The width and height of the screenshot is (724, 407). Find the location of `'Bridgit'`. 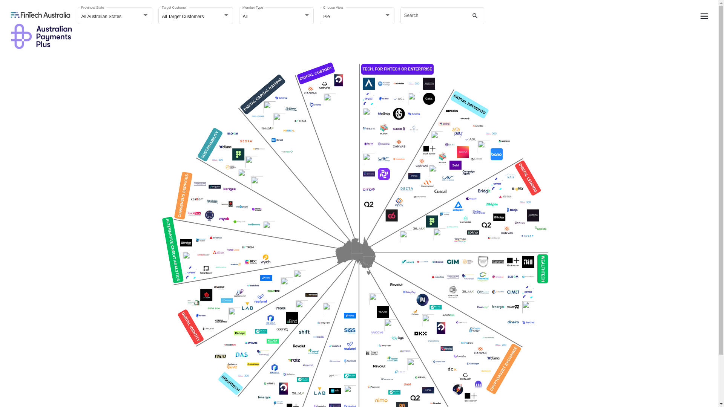

'Bridgit' is located at coordinates (476, 191).